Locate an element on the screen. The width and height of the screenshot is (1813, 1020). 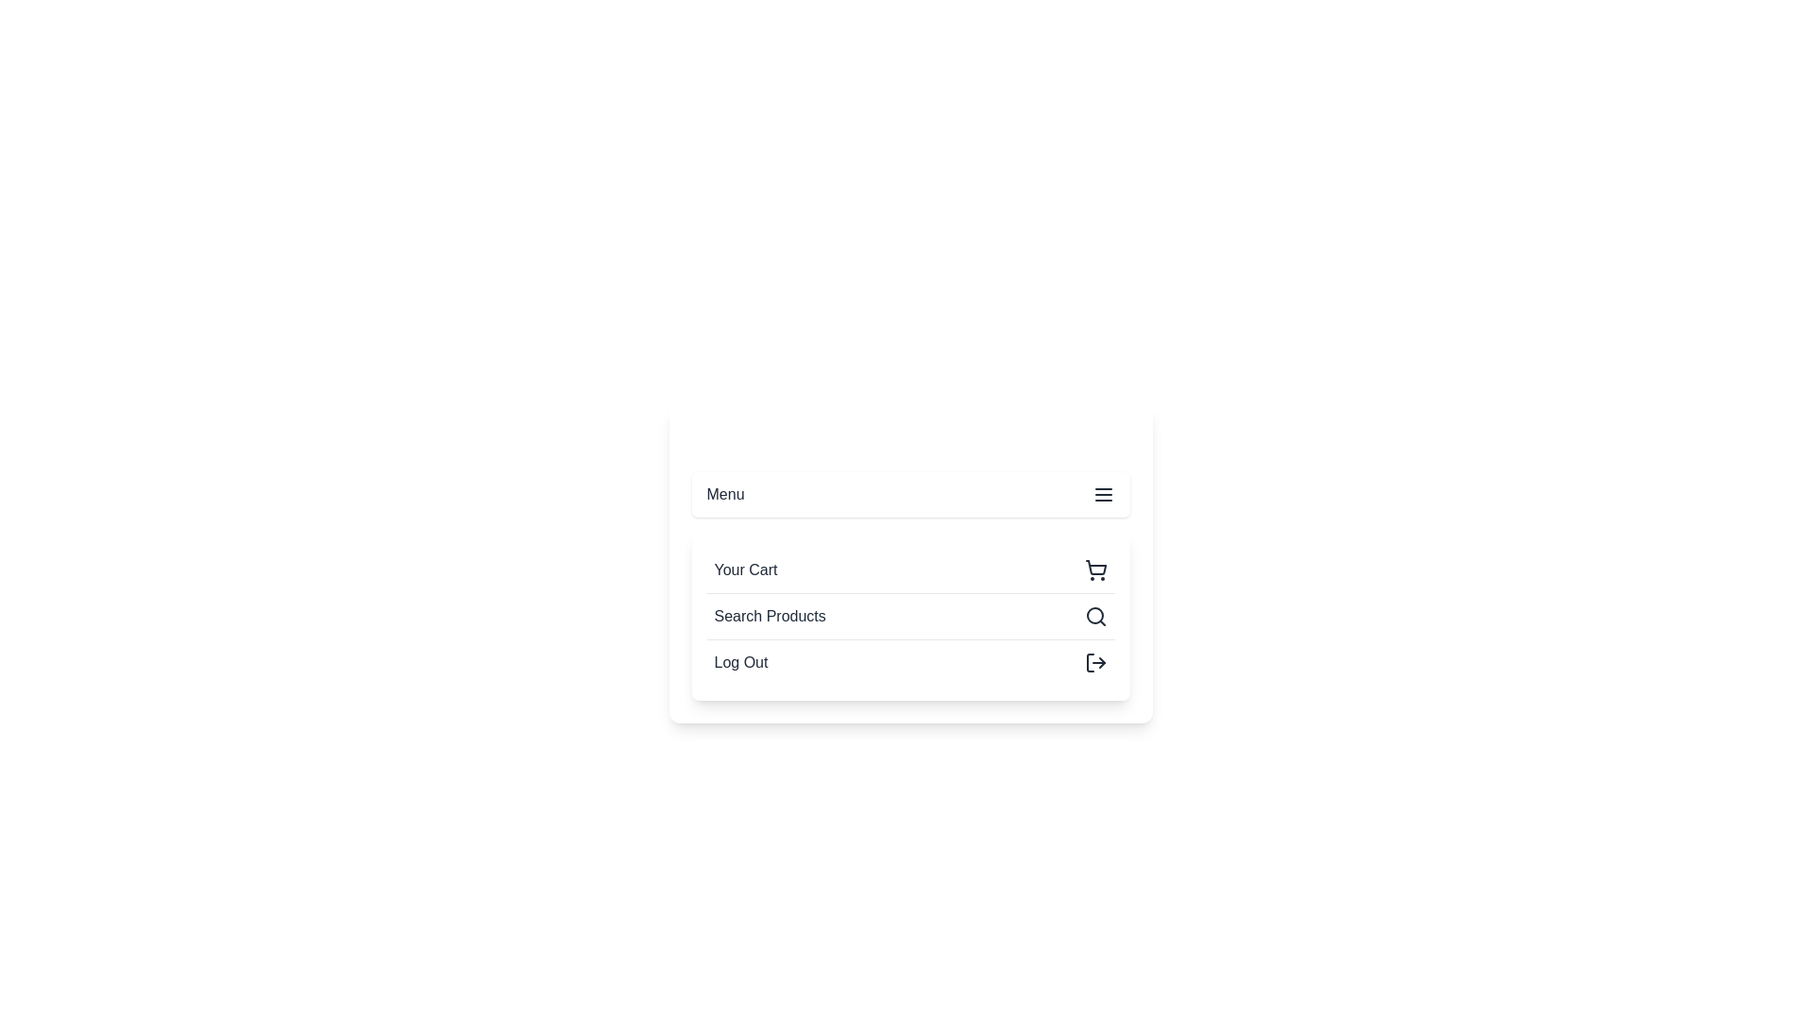
the text label that indicates the logout action, positioned to the right of the logout icon in the menu section is located at coordinates (739, 662).